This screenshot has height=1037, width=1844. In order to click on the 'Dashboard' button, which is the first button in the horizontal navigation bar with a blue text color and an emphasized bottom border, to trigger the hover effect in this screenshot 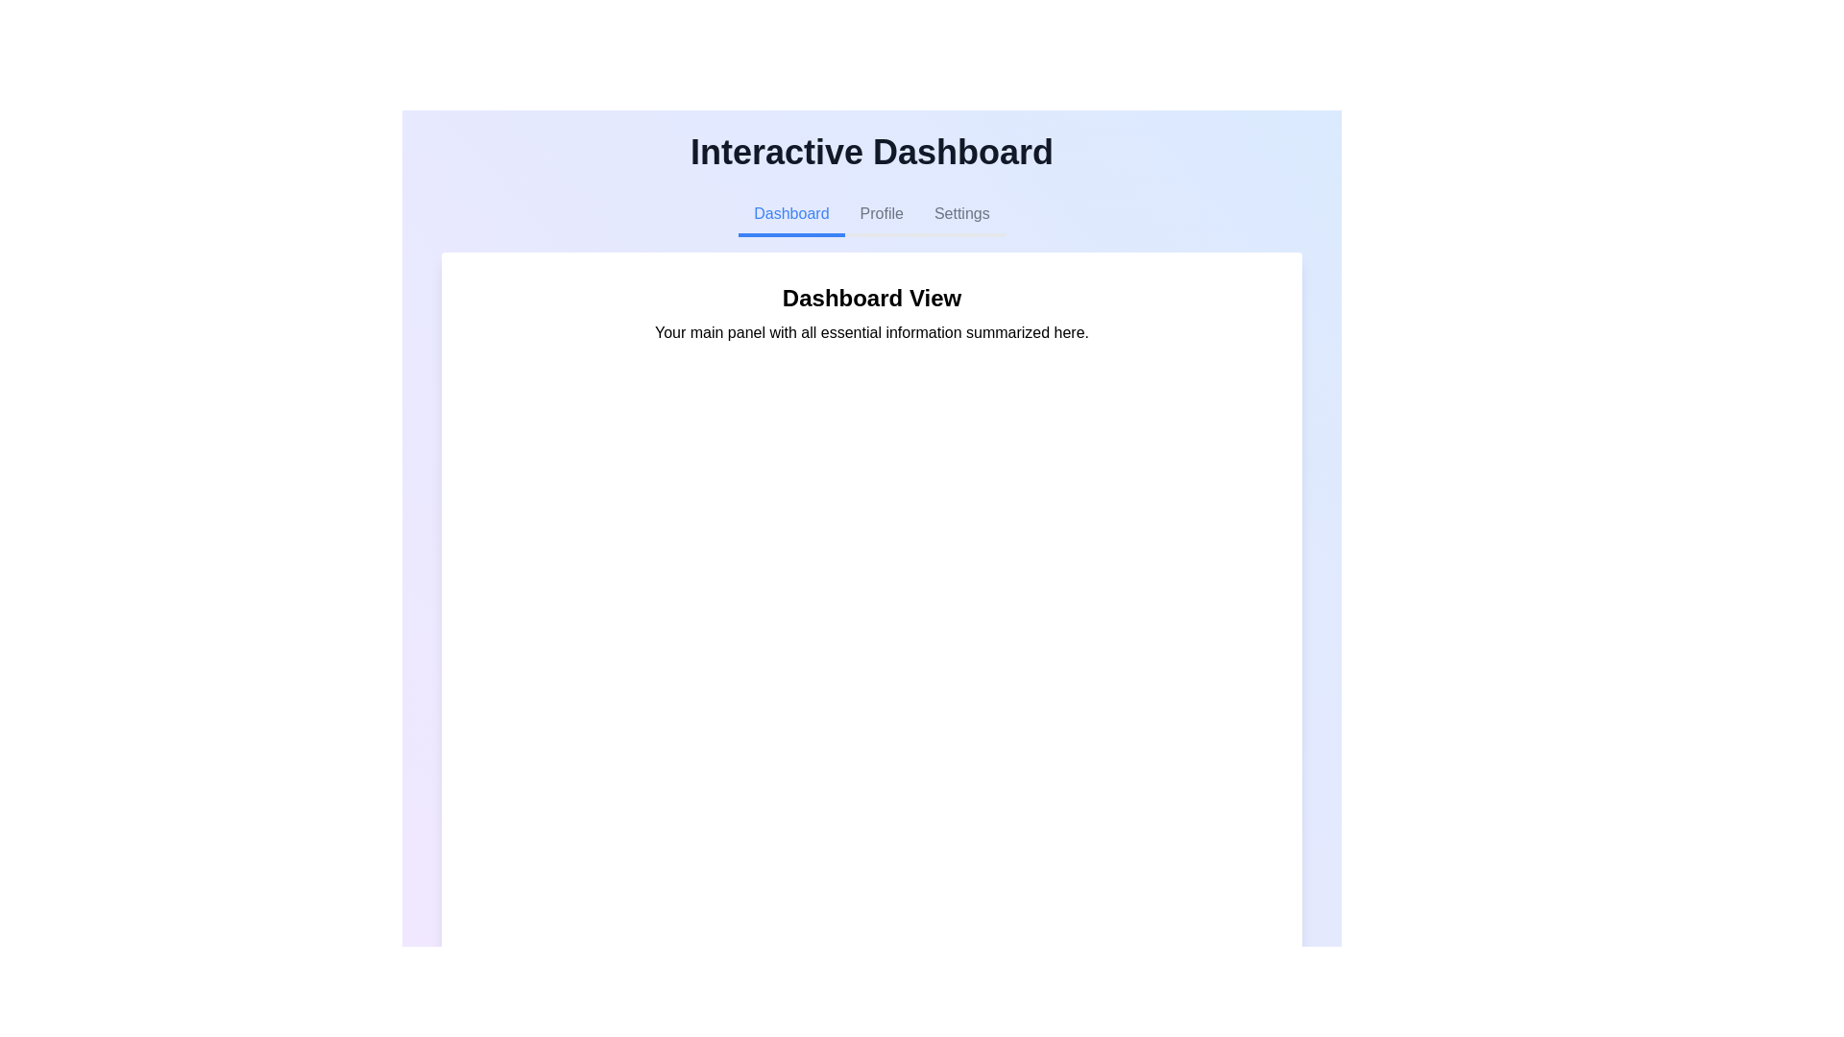, I will do `click(791, 215)`.